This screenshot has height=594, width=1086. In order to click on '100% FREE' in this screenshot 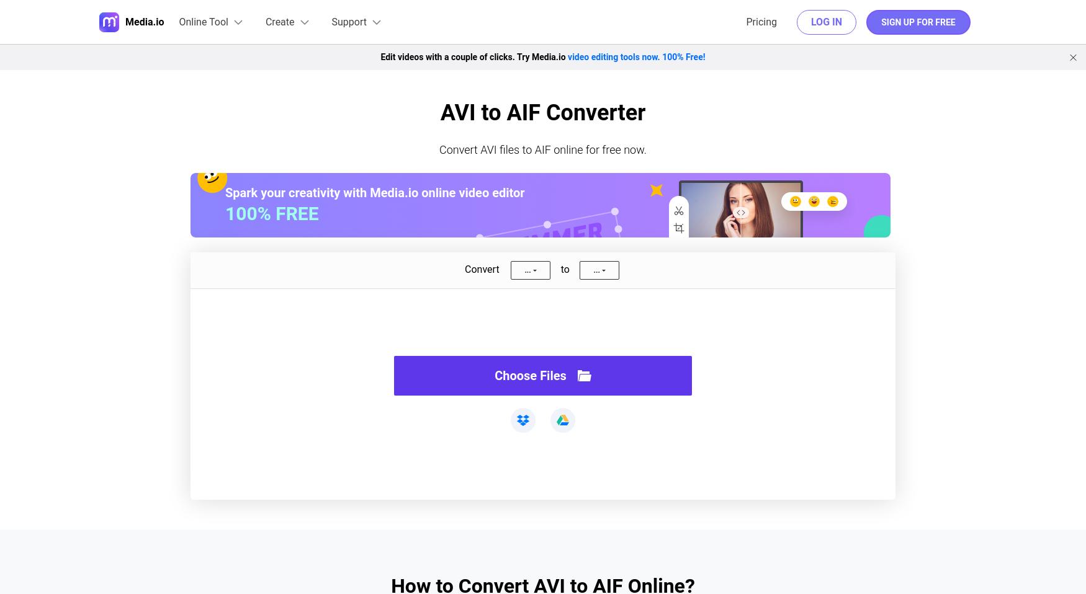, I will do `click(272, 213)`.